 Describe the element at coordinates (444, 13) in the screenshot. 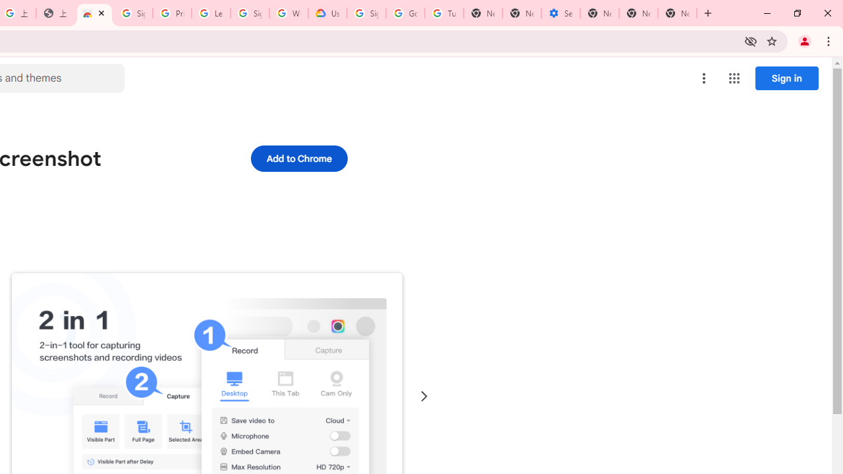

I see `'Turn cookies on or off - Computer - Google Account Help'` at that location.